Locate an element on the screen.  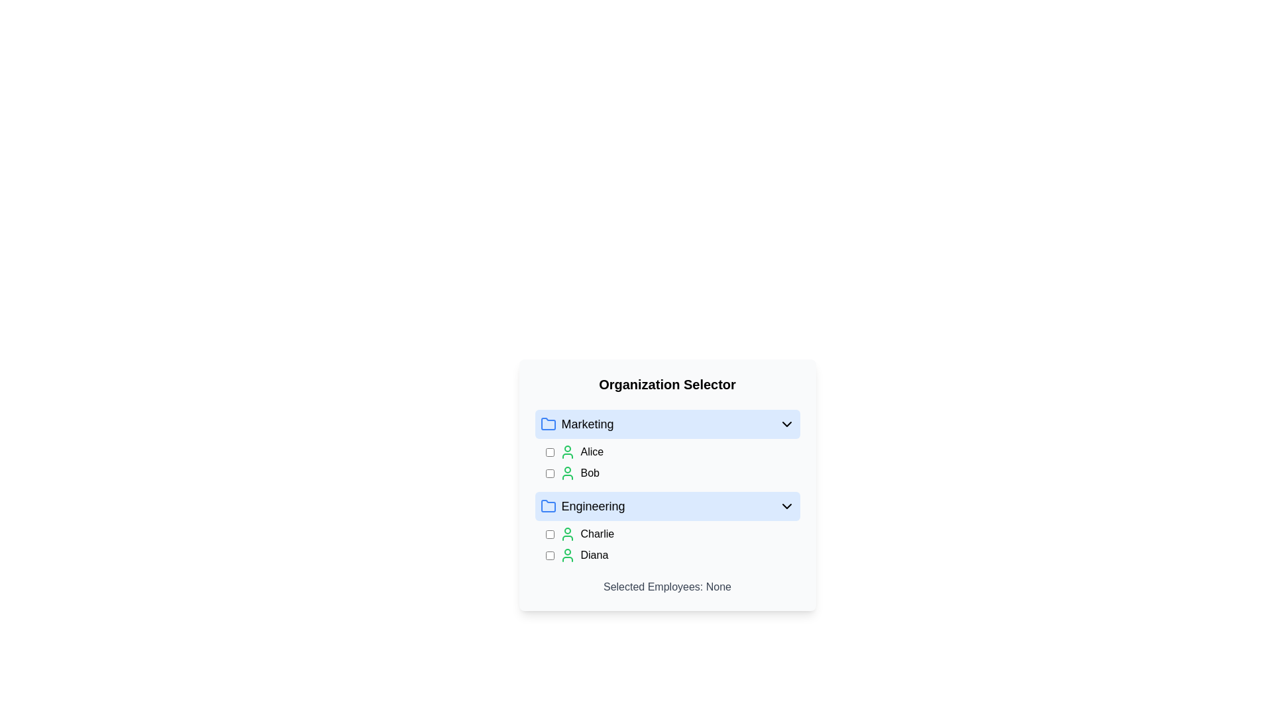
the interactive checkbox located to the left of the name text 'Diana' in the 'Engineering' section to check or uncheck it is located at coordinates (550, 555).